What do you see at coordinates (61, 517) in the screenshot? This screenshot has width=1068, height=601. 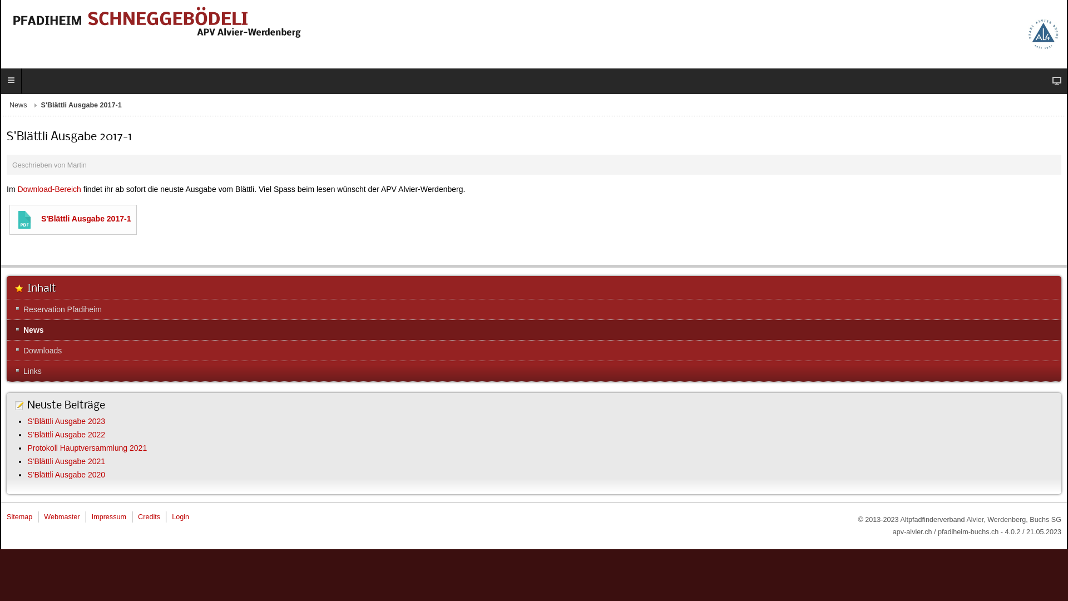 I see `'Webmaster'` at bounding box center [61, 517].